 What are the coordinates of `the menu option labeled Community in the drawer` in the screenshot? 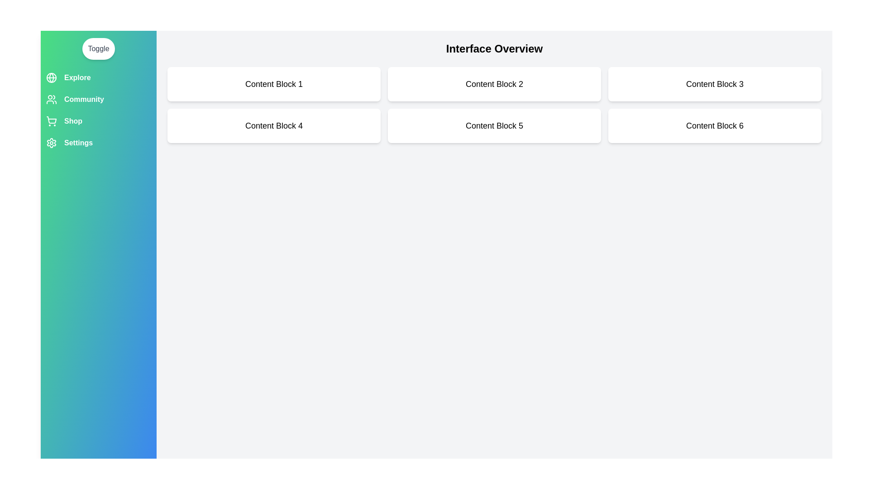 It's located at (98, 99).